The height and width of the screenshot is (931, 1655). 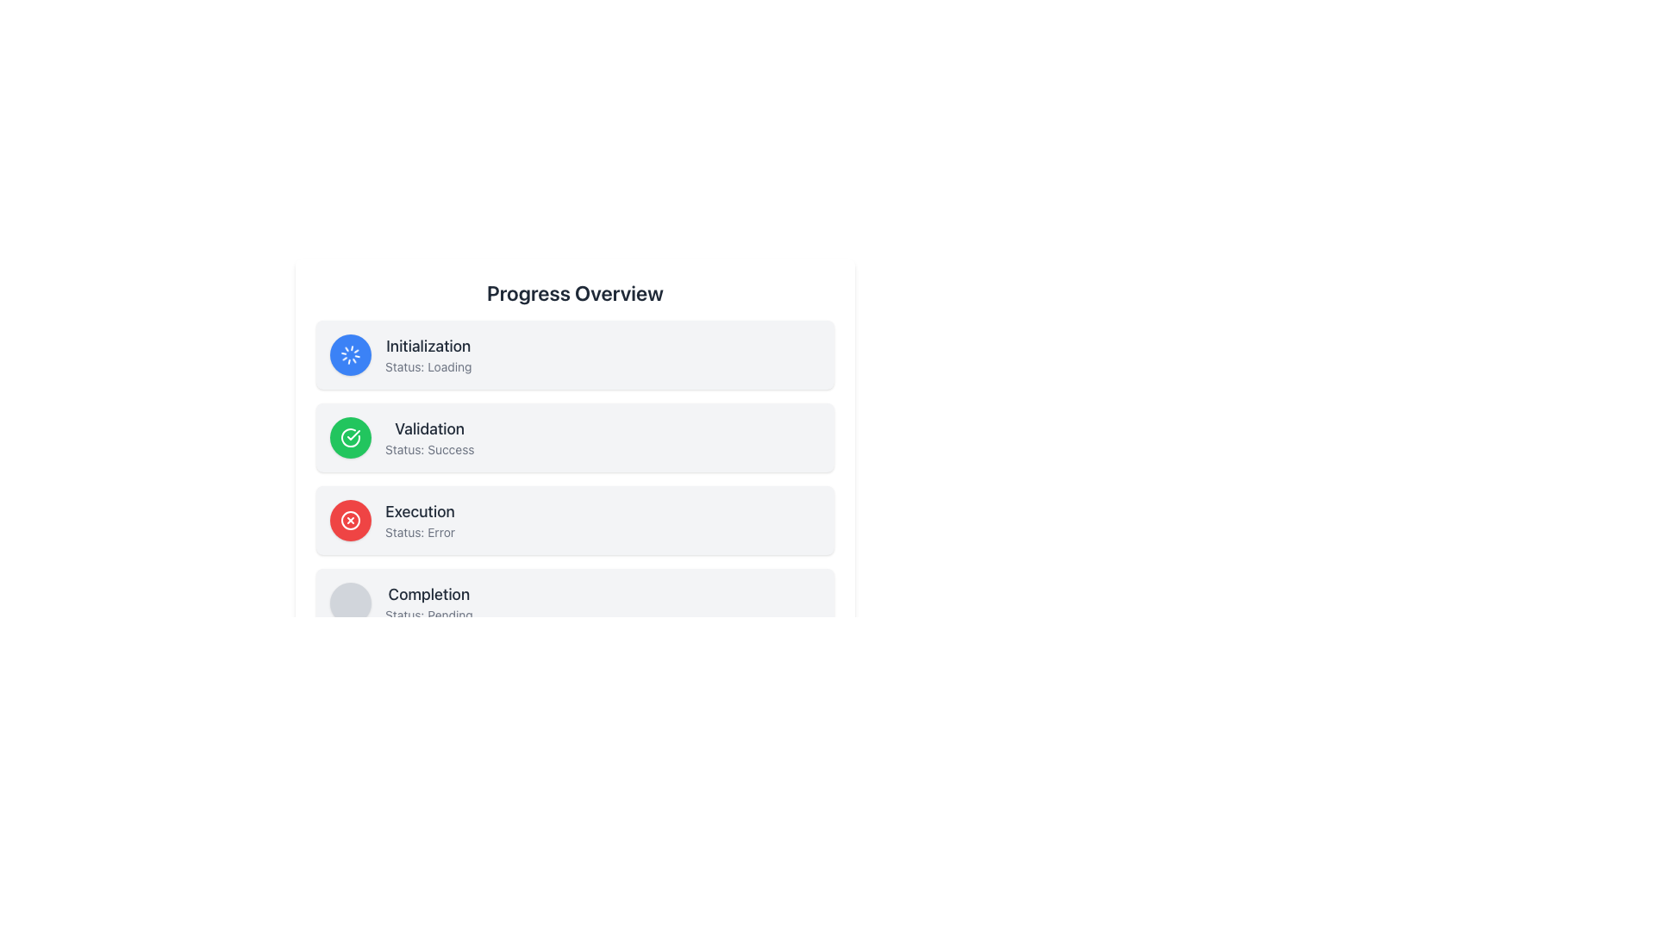 I want to click on the animation of the Indication Icon that visually represents the loading state during the initialization process, so click(x=350, y=354).